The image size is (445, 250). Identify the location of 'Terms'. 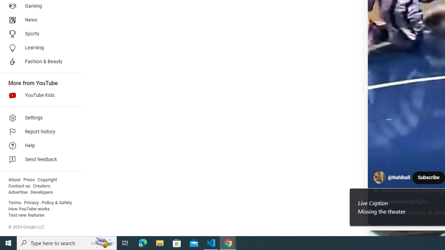
(15, 203).